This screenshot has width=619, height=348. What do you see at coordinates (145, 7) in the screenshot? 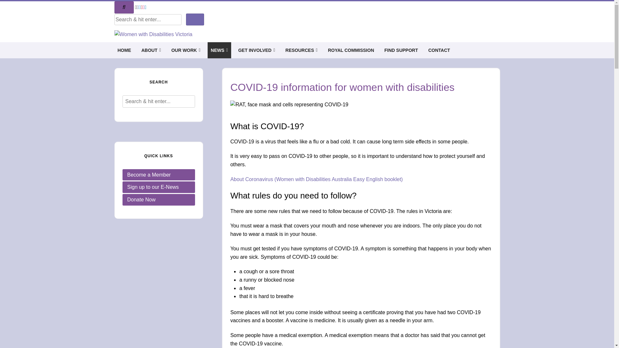
I see `'Find Us on LinkedIn'` at bounding box center [145, 7].